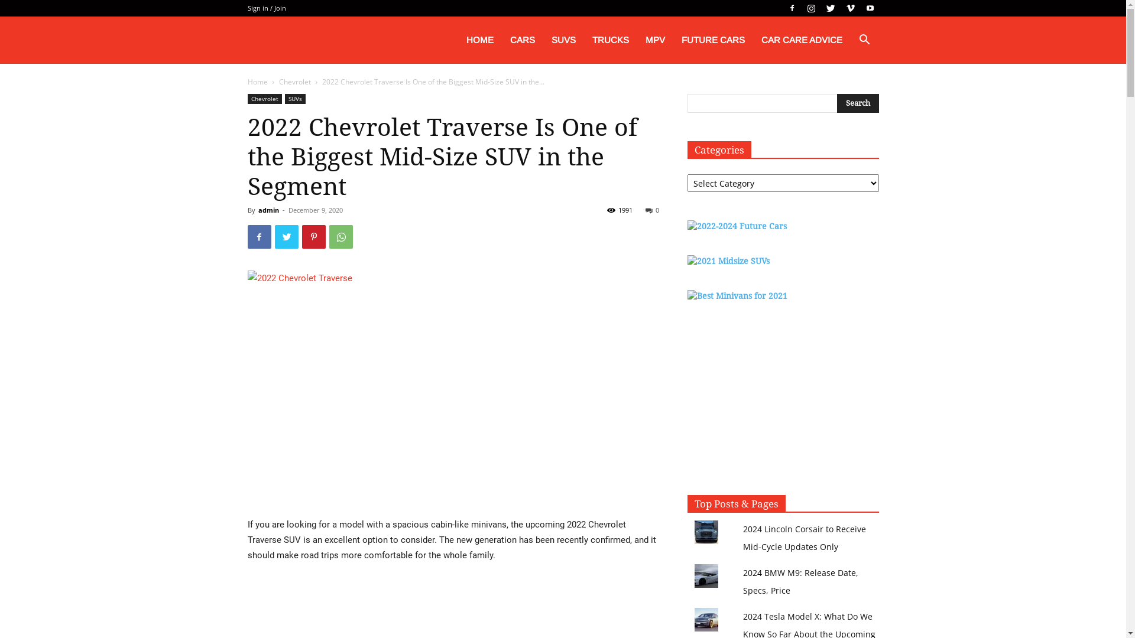 The width and height of the screenshot is (1135, 638). What do you see at coordinates (610, 40) in the screenshot?
I see `'TRUCKS'` at bounding box center [610, 40].